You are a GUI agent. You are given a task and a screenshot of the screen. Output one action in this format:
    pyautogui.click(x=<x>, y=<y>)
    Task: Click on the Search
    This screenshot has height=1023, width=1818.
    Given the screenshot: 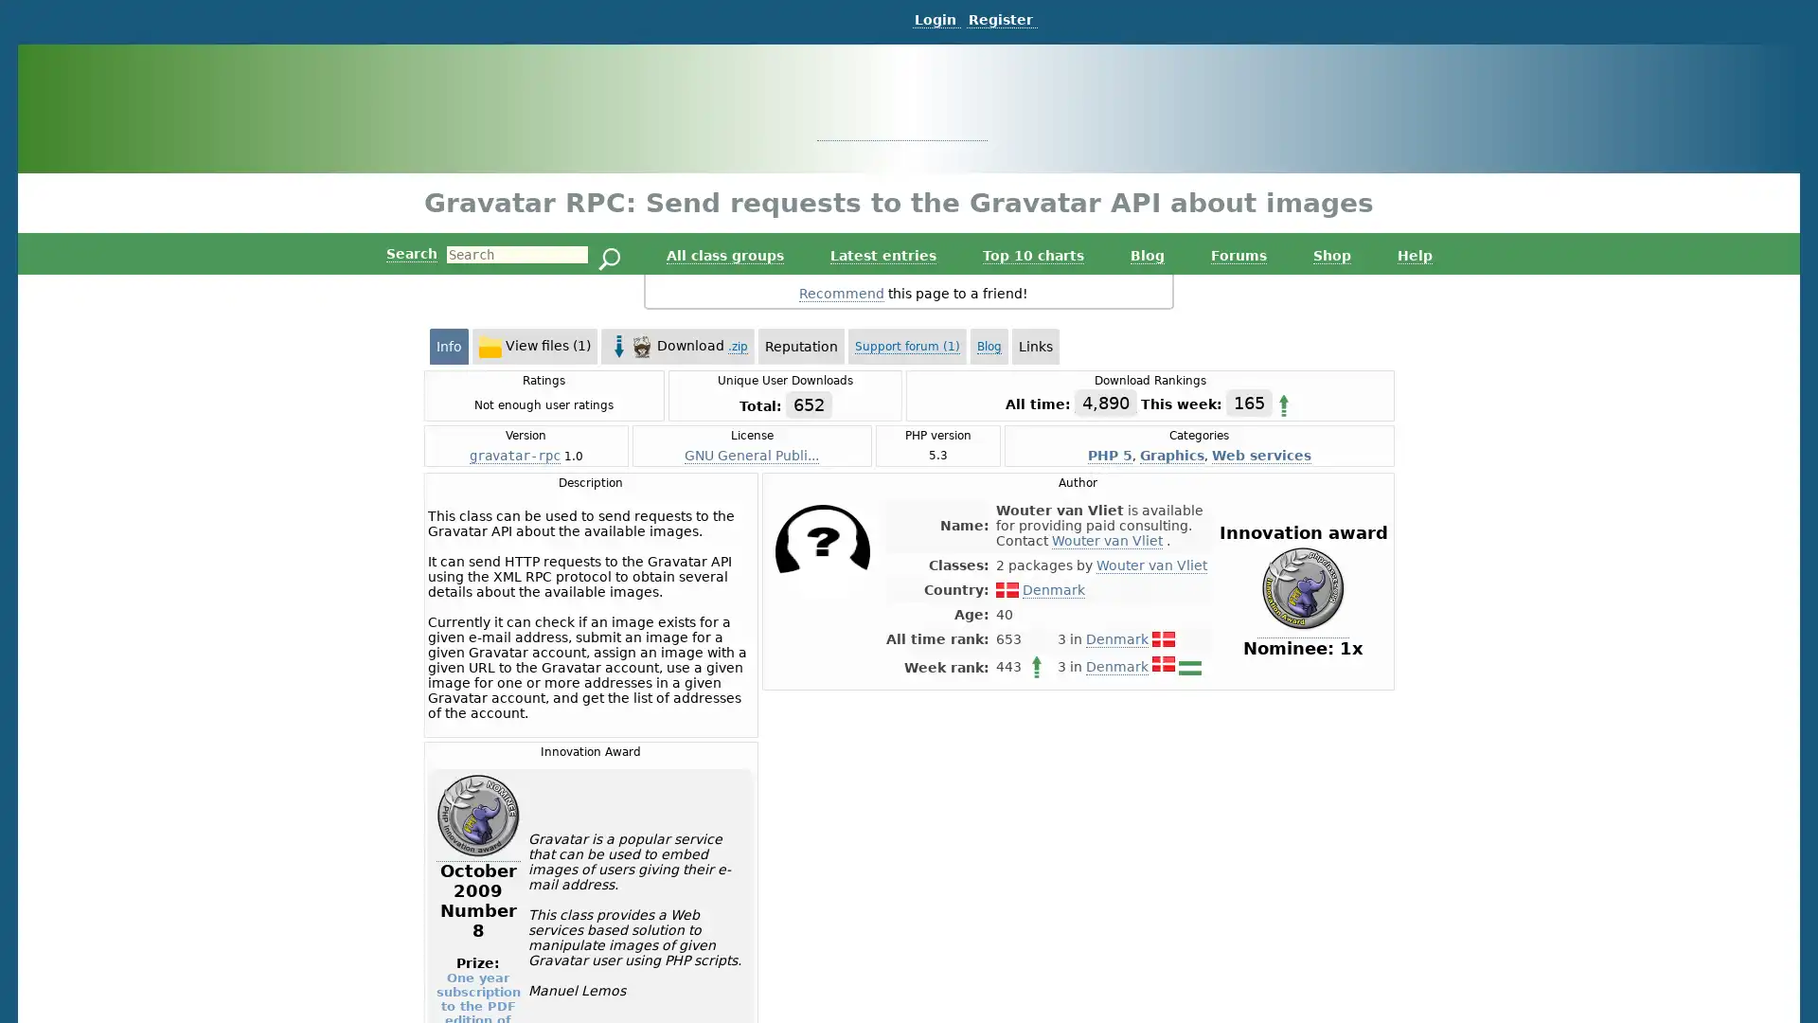 What is the action you would take?
    pyautogui.click(x=608, y=259)
    